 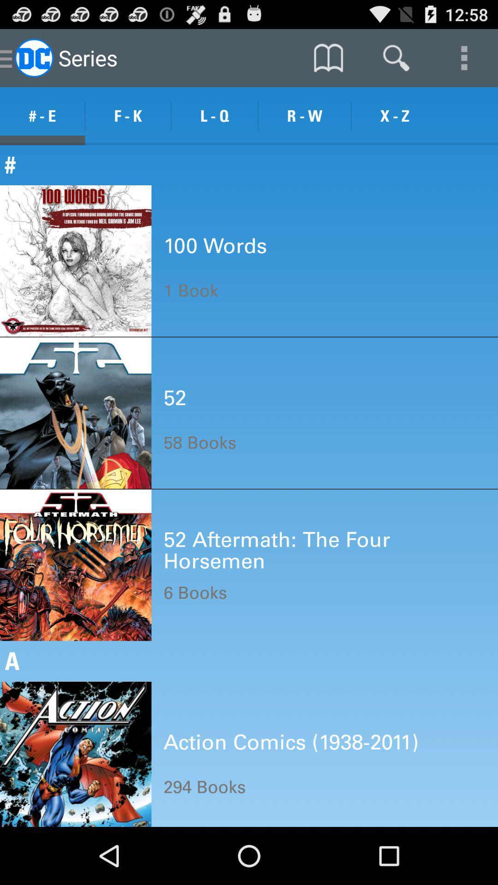 I want to click on the 58 books, so click(x=199, y=442).